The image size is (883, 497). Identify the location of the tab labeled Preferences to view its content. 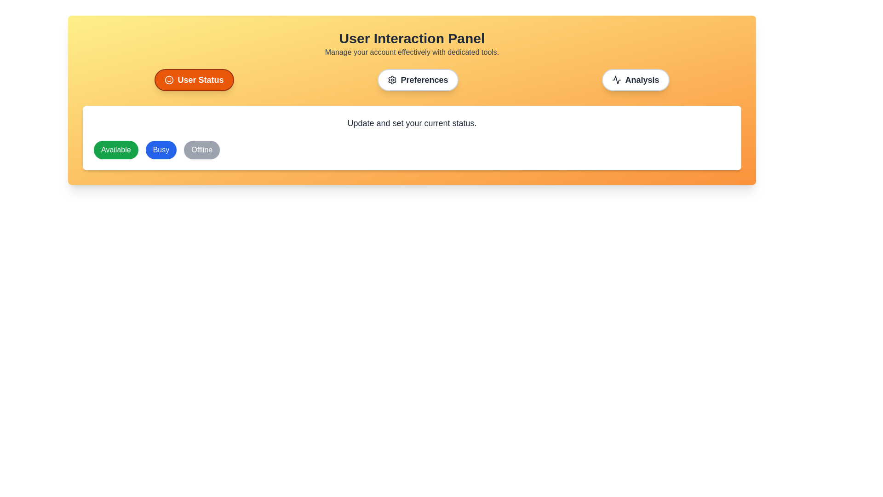
(417, 79).